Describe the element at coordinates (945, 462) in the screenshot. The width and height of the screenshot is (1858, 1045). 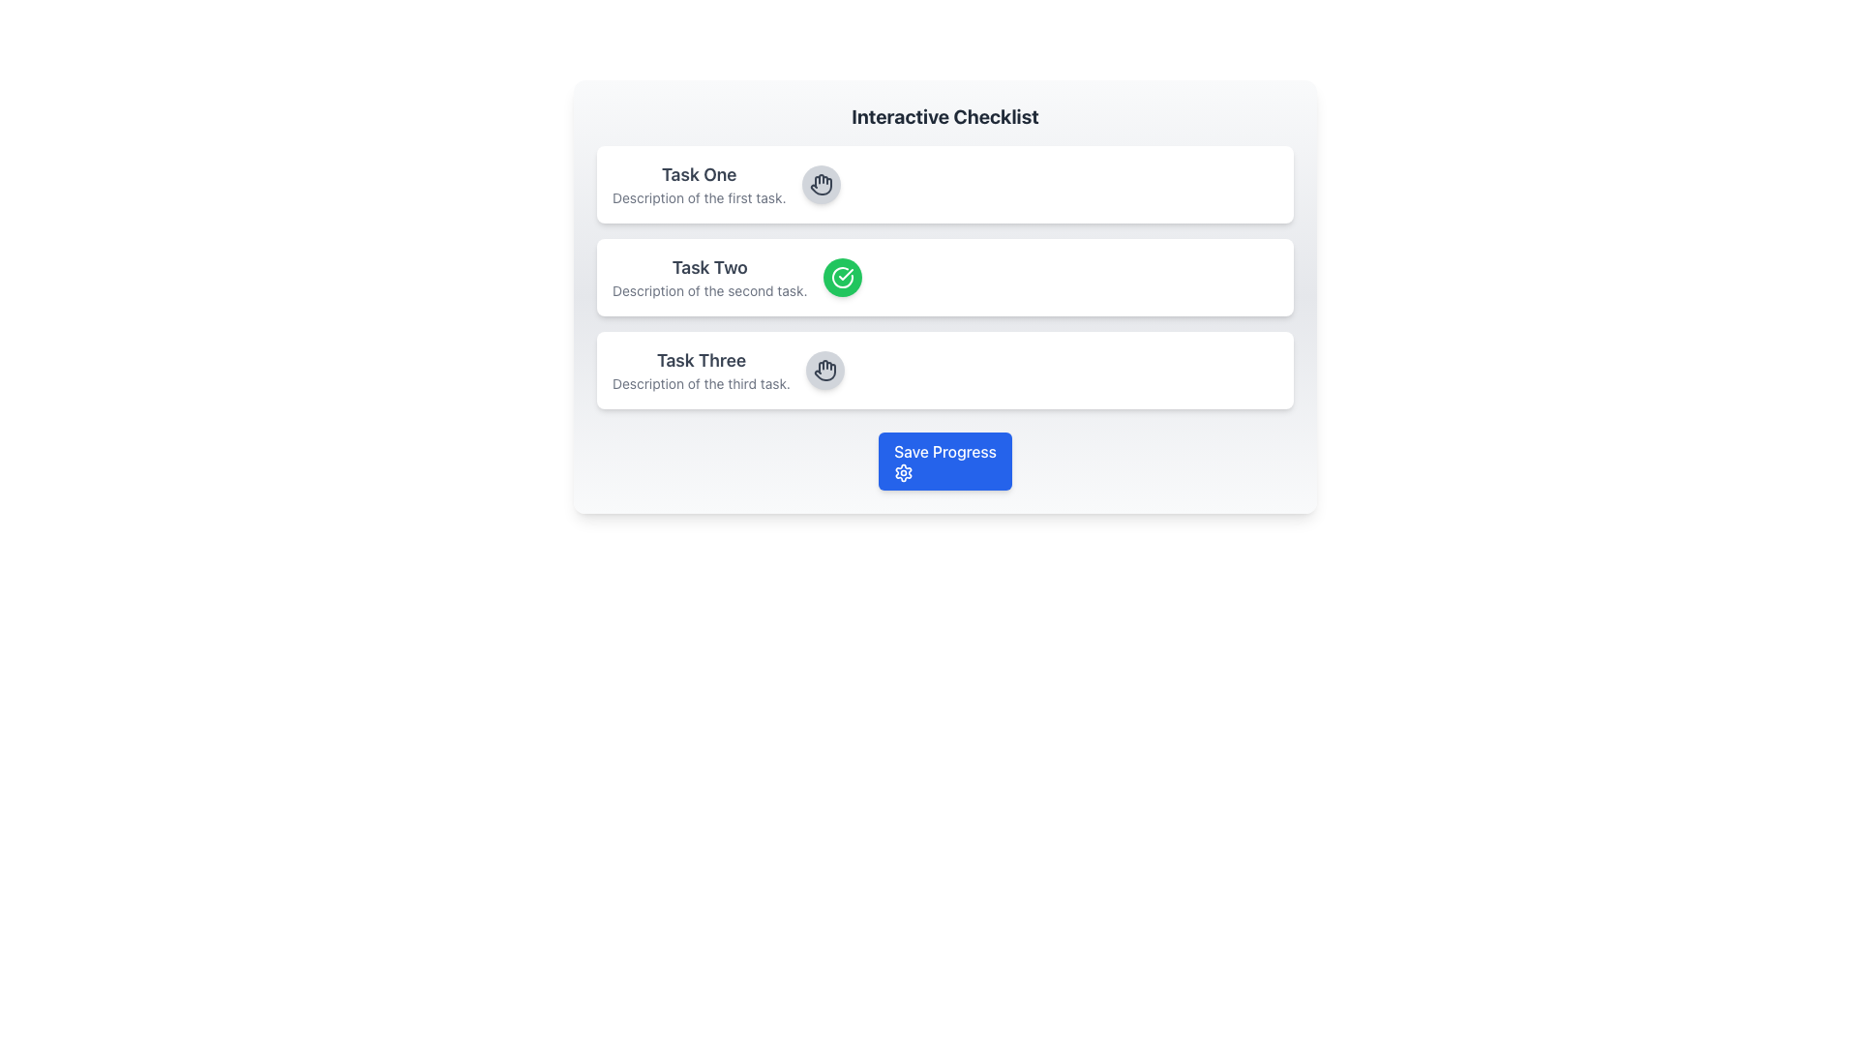
I see `the save button located in the bottom section of the centered group` at that location.